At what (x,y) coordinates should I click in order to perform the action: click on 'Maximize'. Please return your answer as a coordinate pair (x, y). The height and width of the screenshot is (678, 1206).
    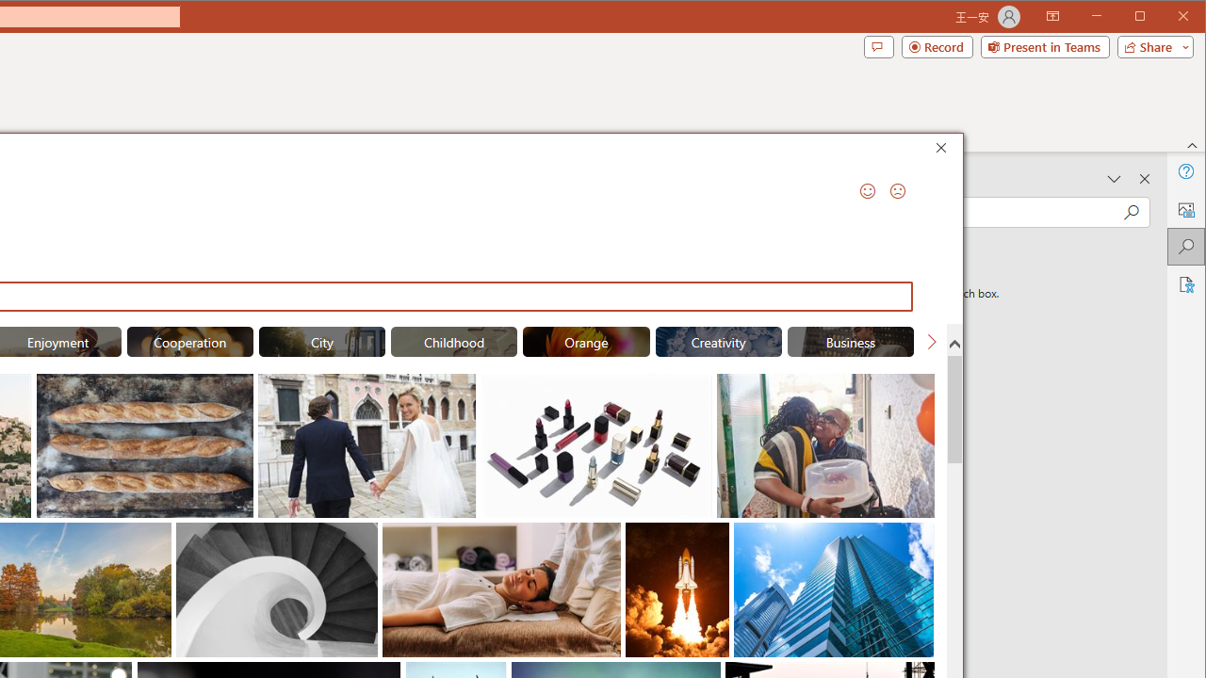
    Looking at the image, I should click on (1166, 18).